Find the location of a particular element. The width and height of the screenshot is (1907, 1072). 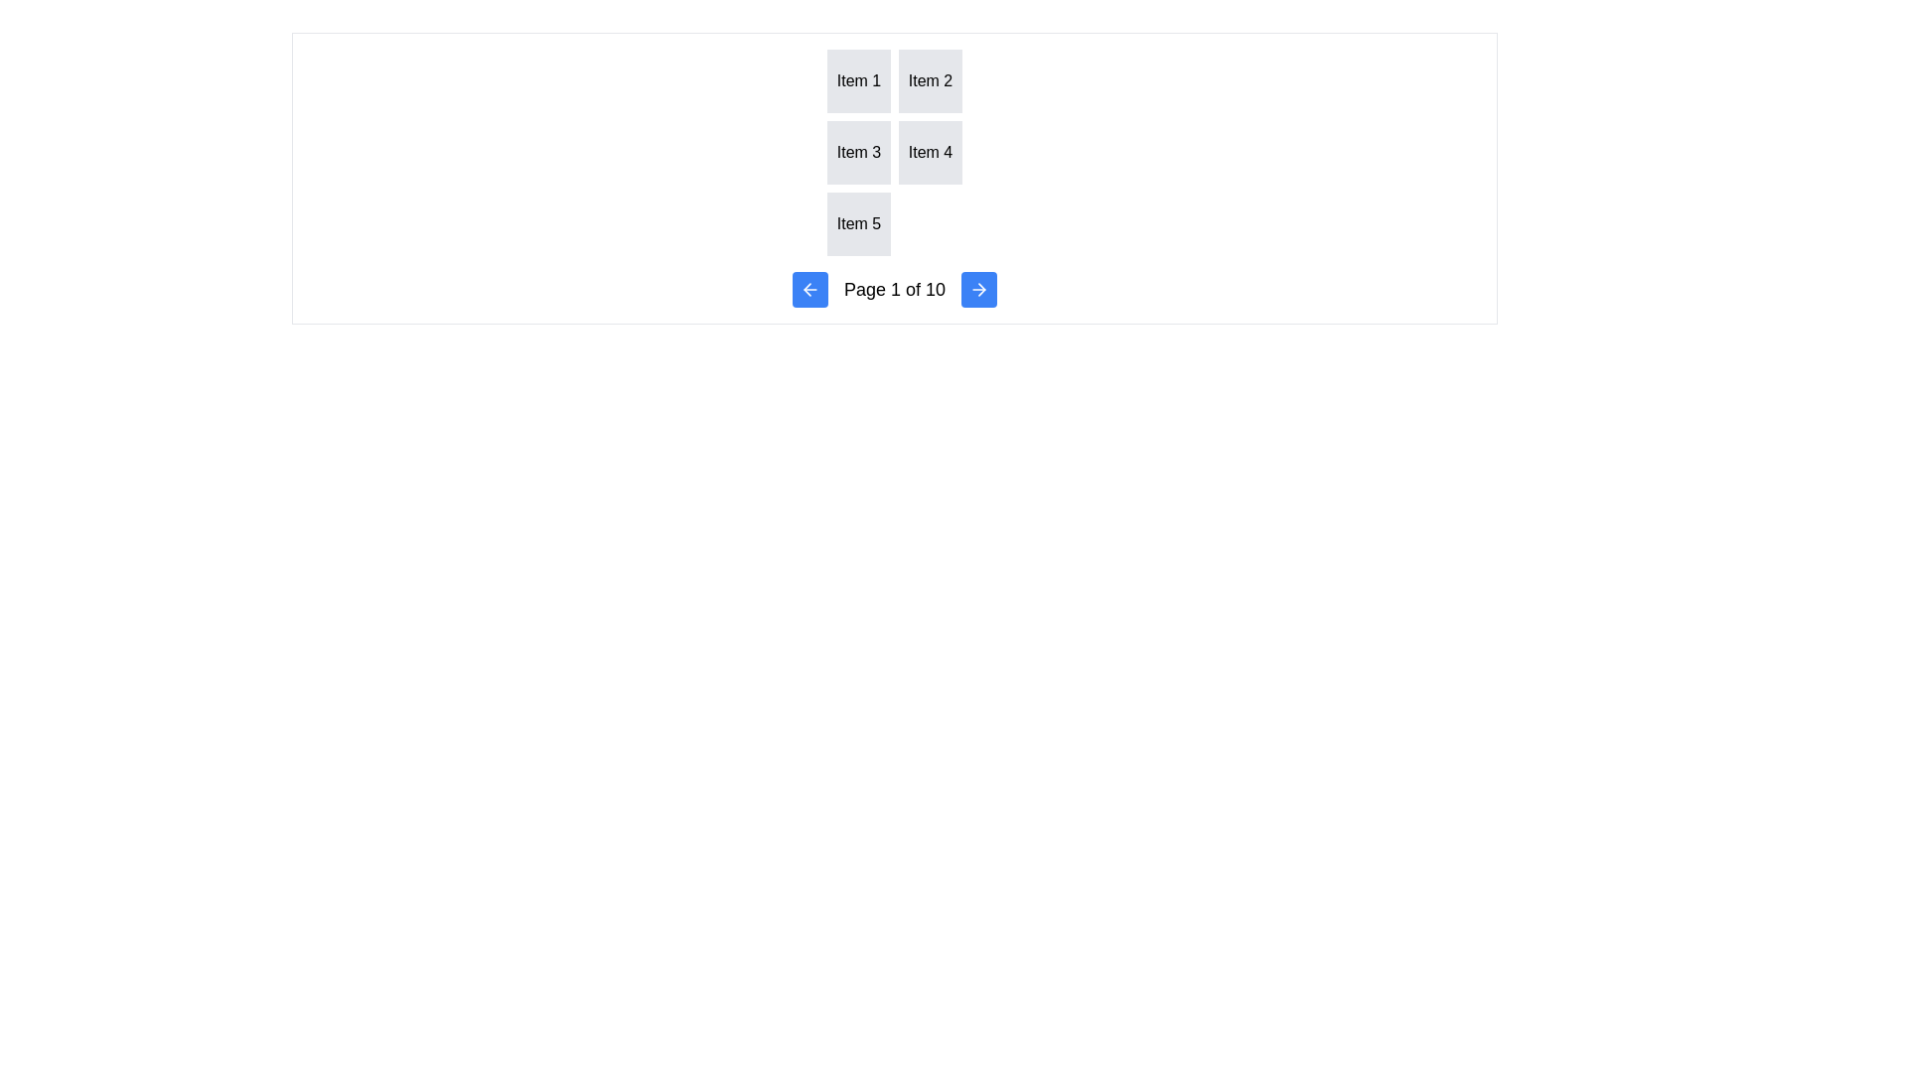

the navigational stepper button located in the bottom-right corner of the control panel is located at coordinates (979, 290).